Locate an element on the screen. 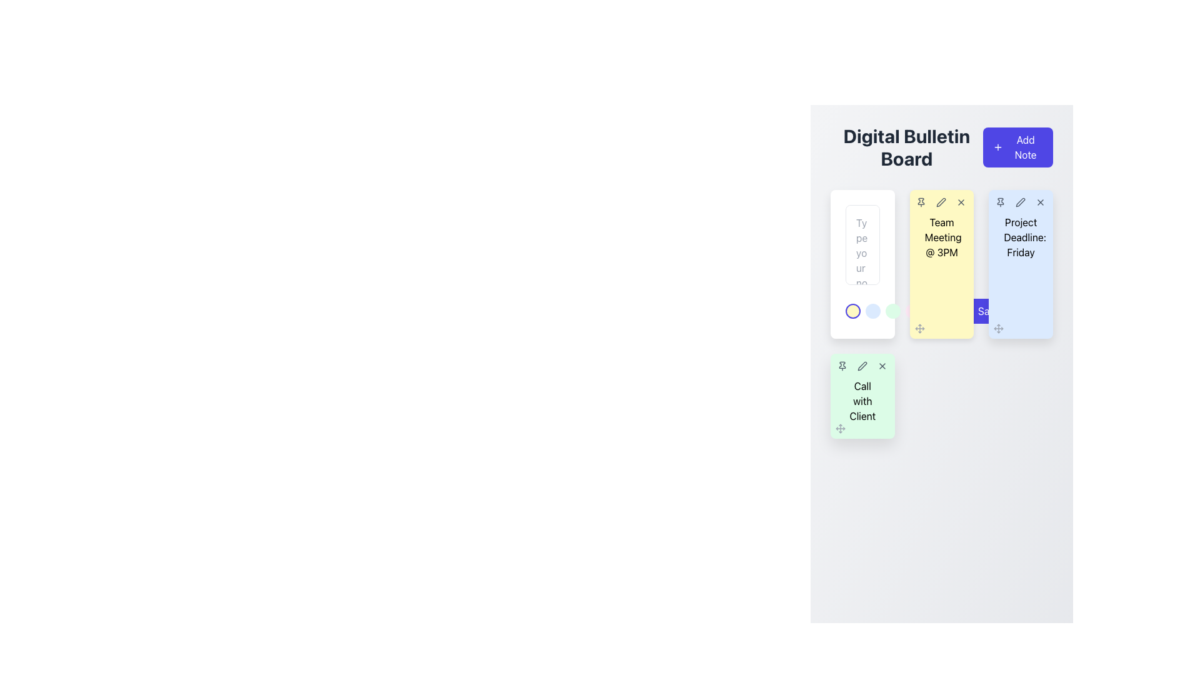 The height and width of the screenshot is (675, 1200). the edit icon button located at the top of the yellow card labeled 'Team Meeting @ 3PM' is located at coordinates (941, 202).